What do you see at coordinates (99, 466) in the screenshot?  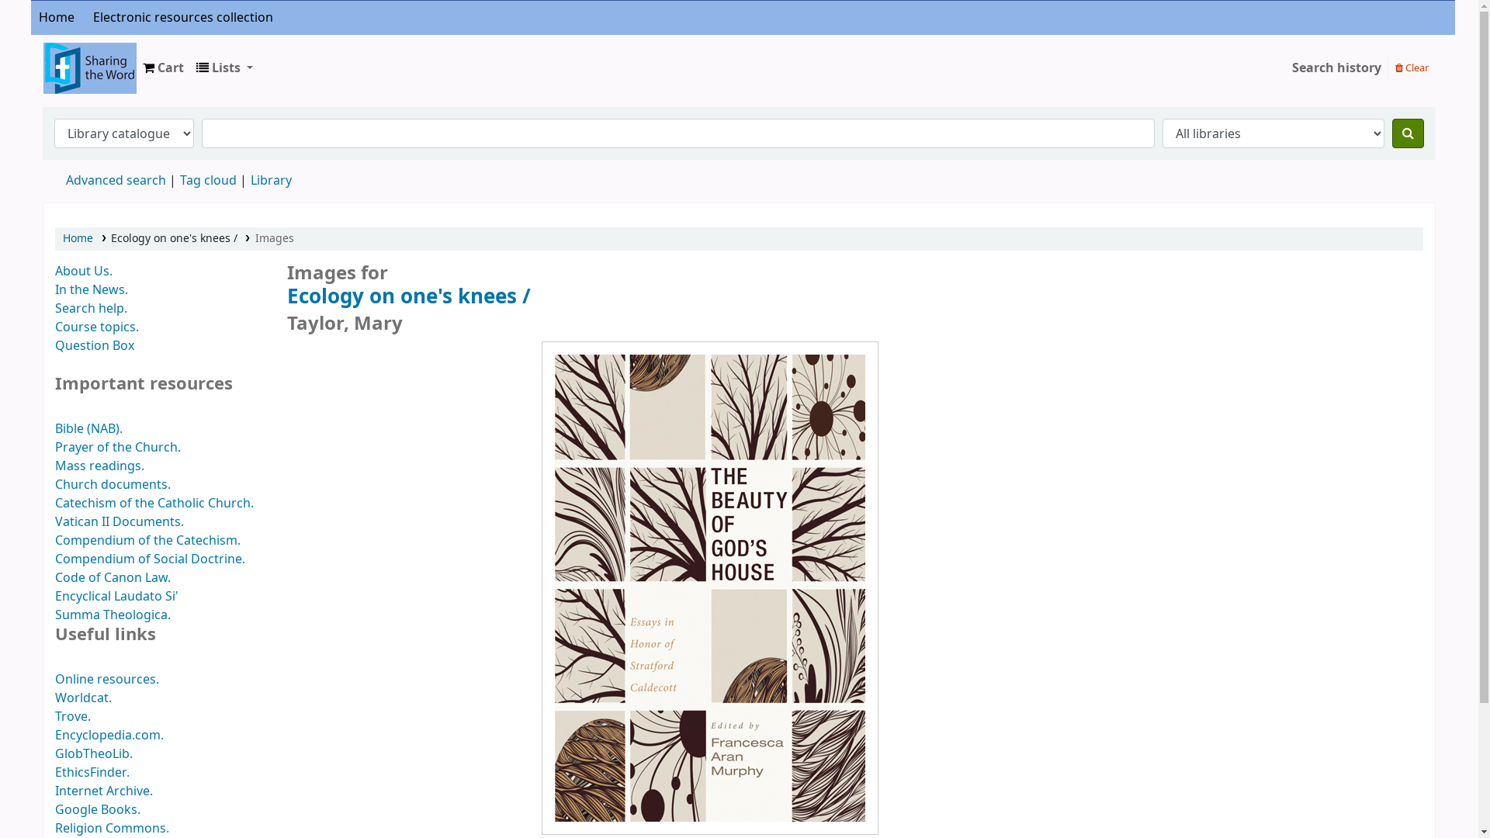 I see `'Mass readings.'` at bounding box center [99, 466].